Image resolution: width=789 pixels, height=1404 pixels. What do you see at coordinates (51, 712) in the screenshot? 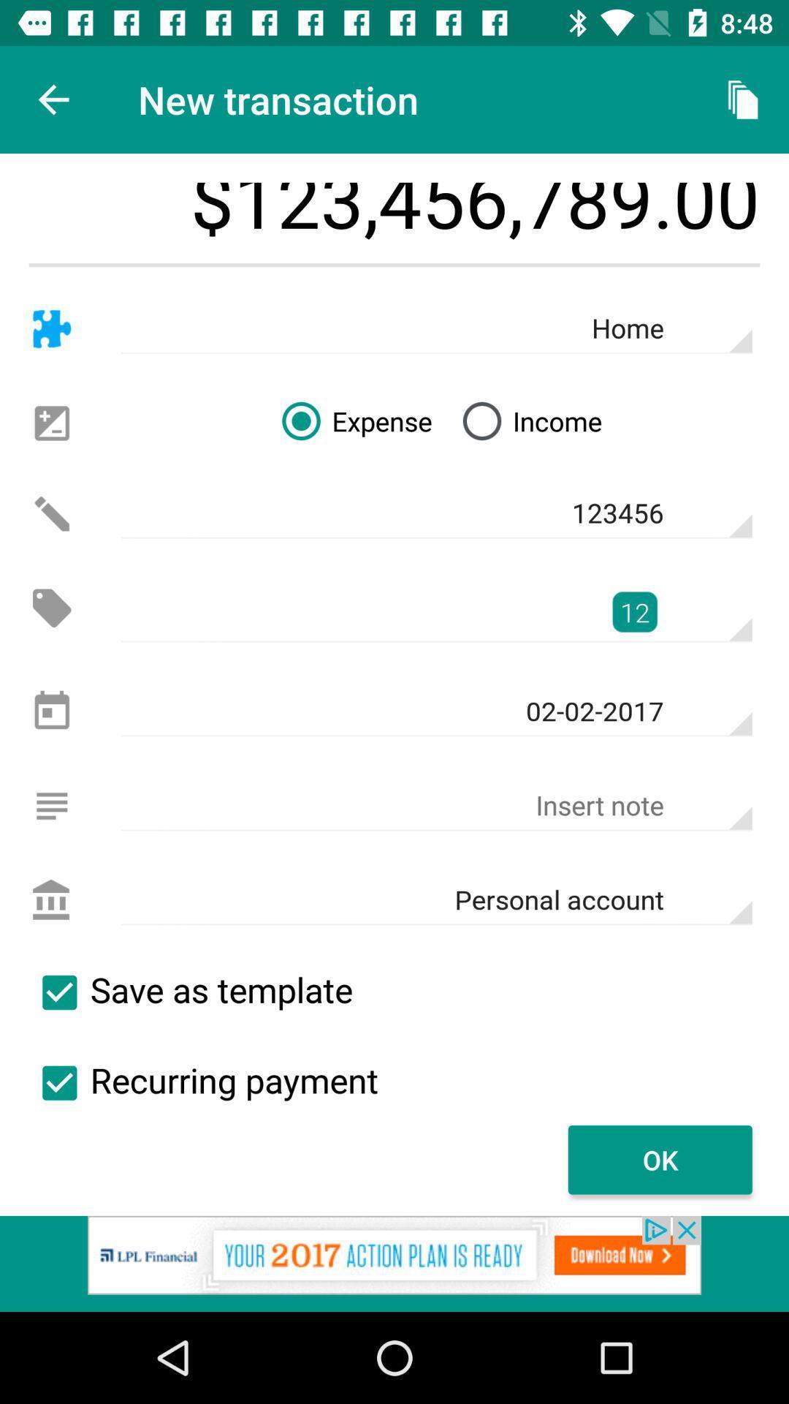
I see `the date_range icon` at bounding box center [51, 712].